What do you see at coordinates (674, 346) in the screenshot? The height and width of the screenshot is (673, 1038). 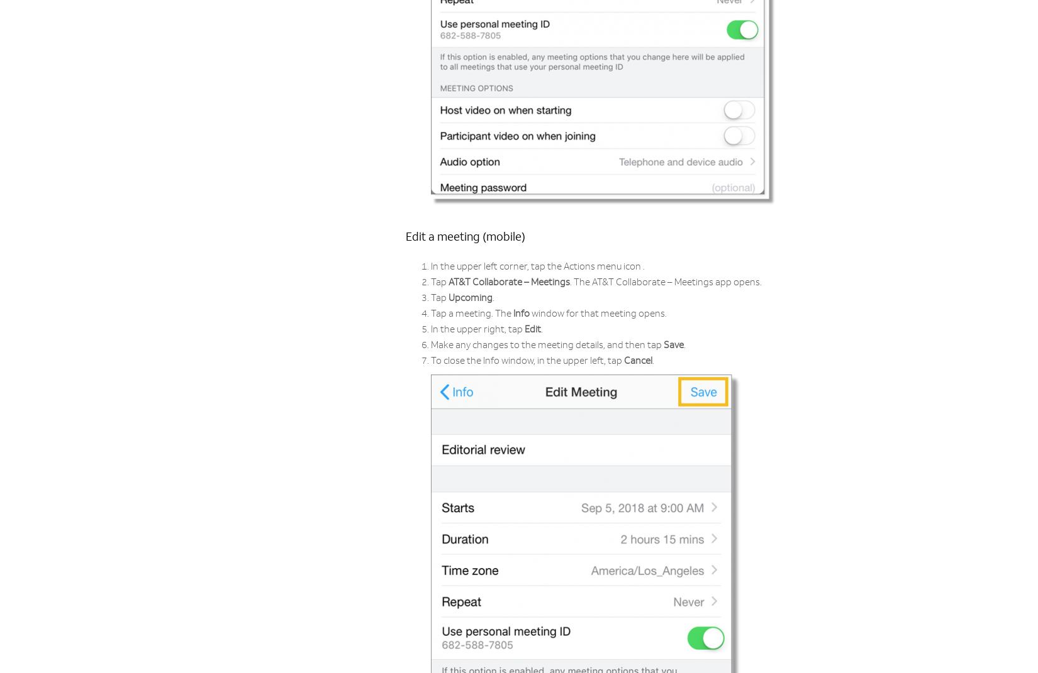 I see `'Save'` at bounding box center [674, 346].